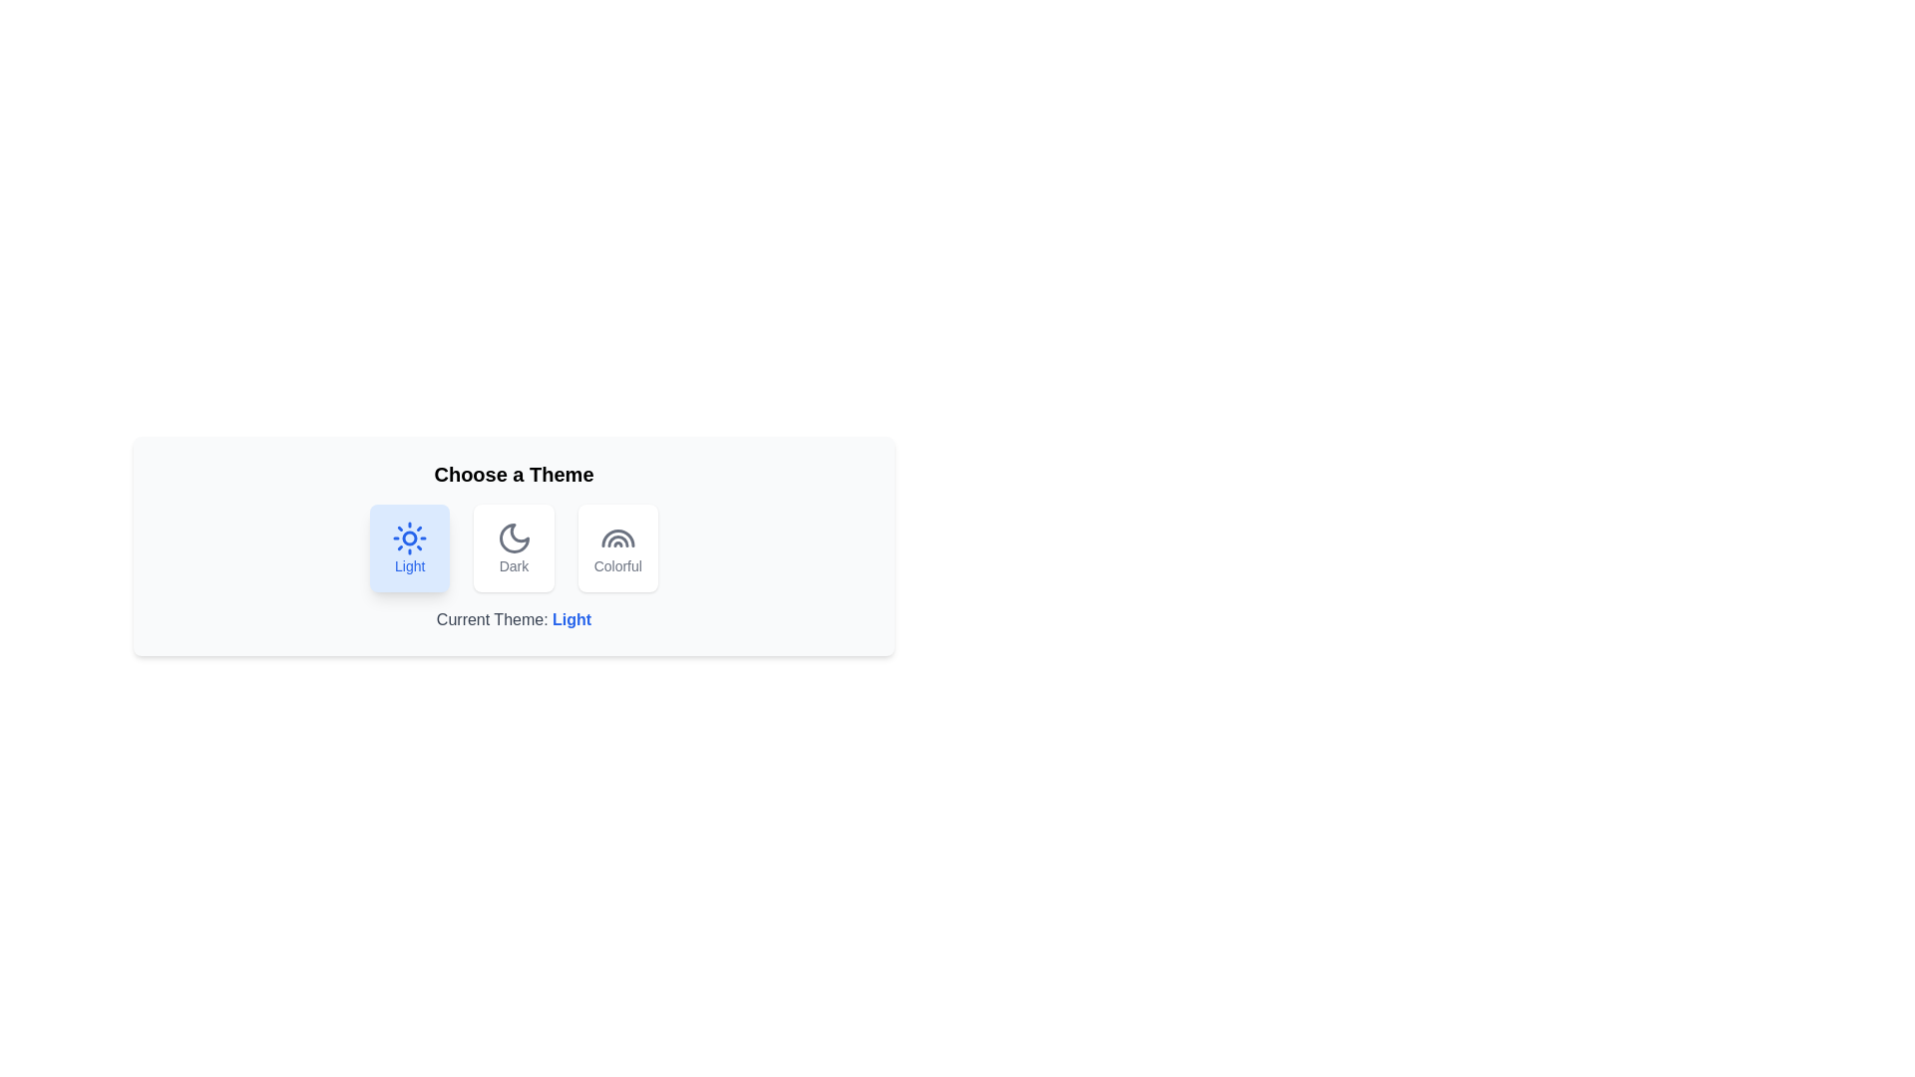  I want to click on the Colorful button to see the hover effect, so click(616, 548).